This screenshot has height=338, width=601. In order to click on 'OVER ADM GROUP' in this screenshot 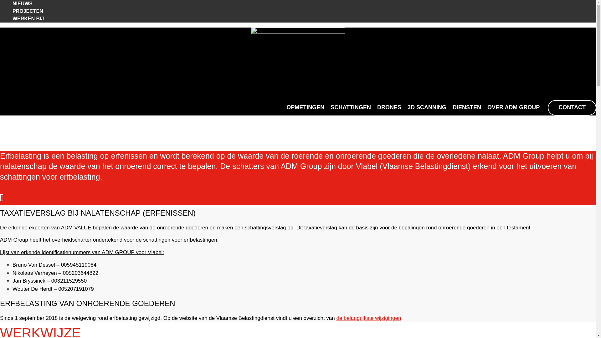, I will do `click(513, 107)`.